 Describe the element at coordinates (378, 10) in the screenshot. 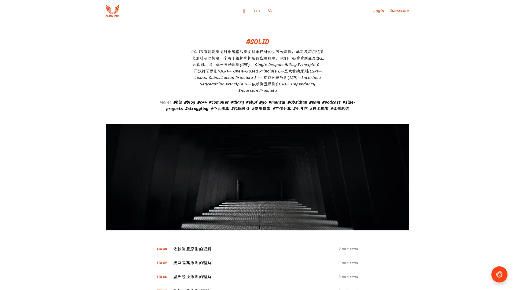

I see `Login` at that location.